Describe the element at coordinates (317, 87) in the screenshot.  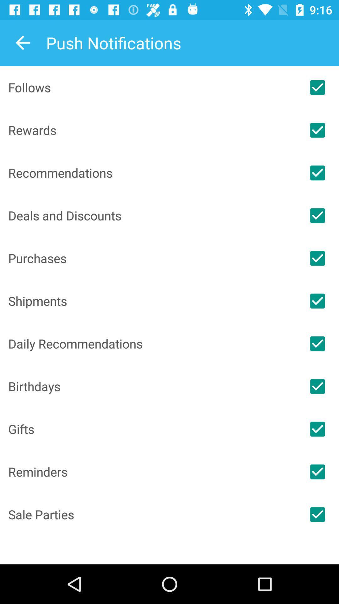
I see `notifications for followers` at that location.